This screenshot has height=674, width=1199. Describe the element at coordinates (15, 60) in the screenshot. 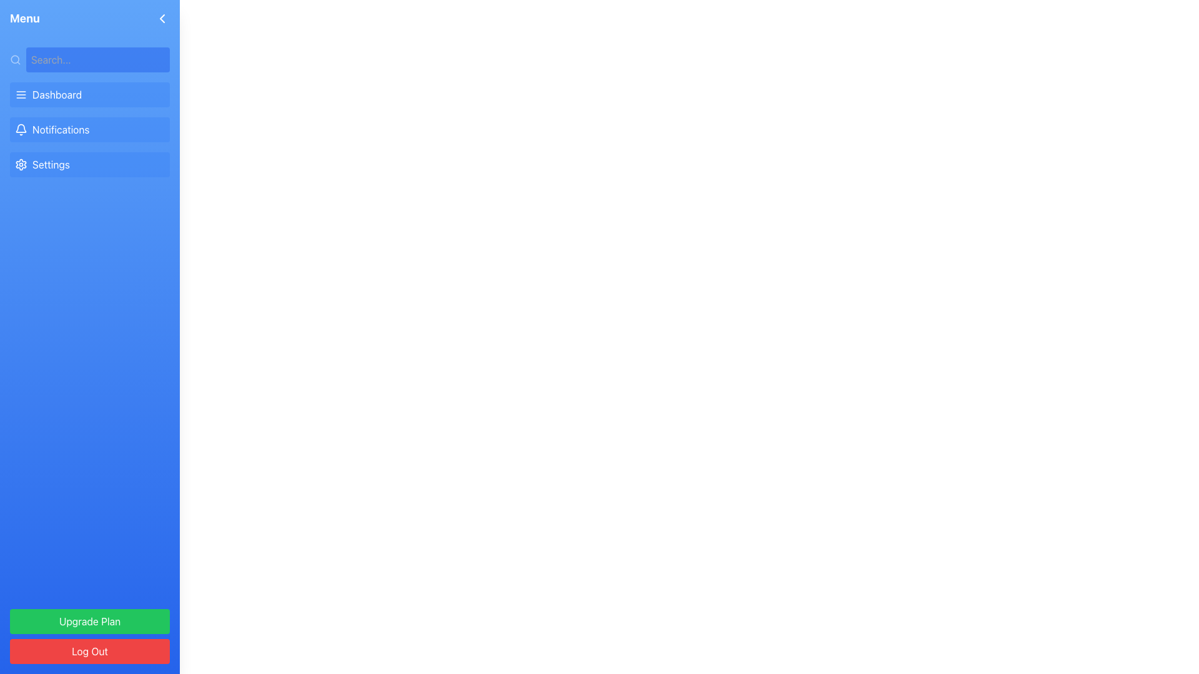

I see `the search icon represented by a magnifying glass, which is displayed in a muted color and positioned before the 'Search...' input field` at that location.